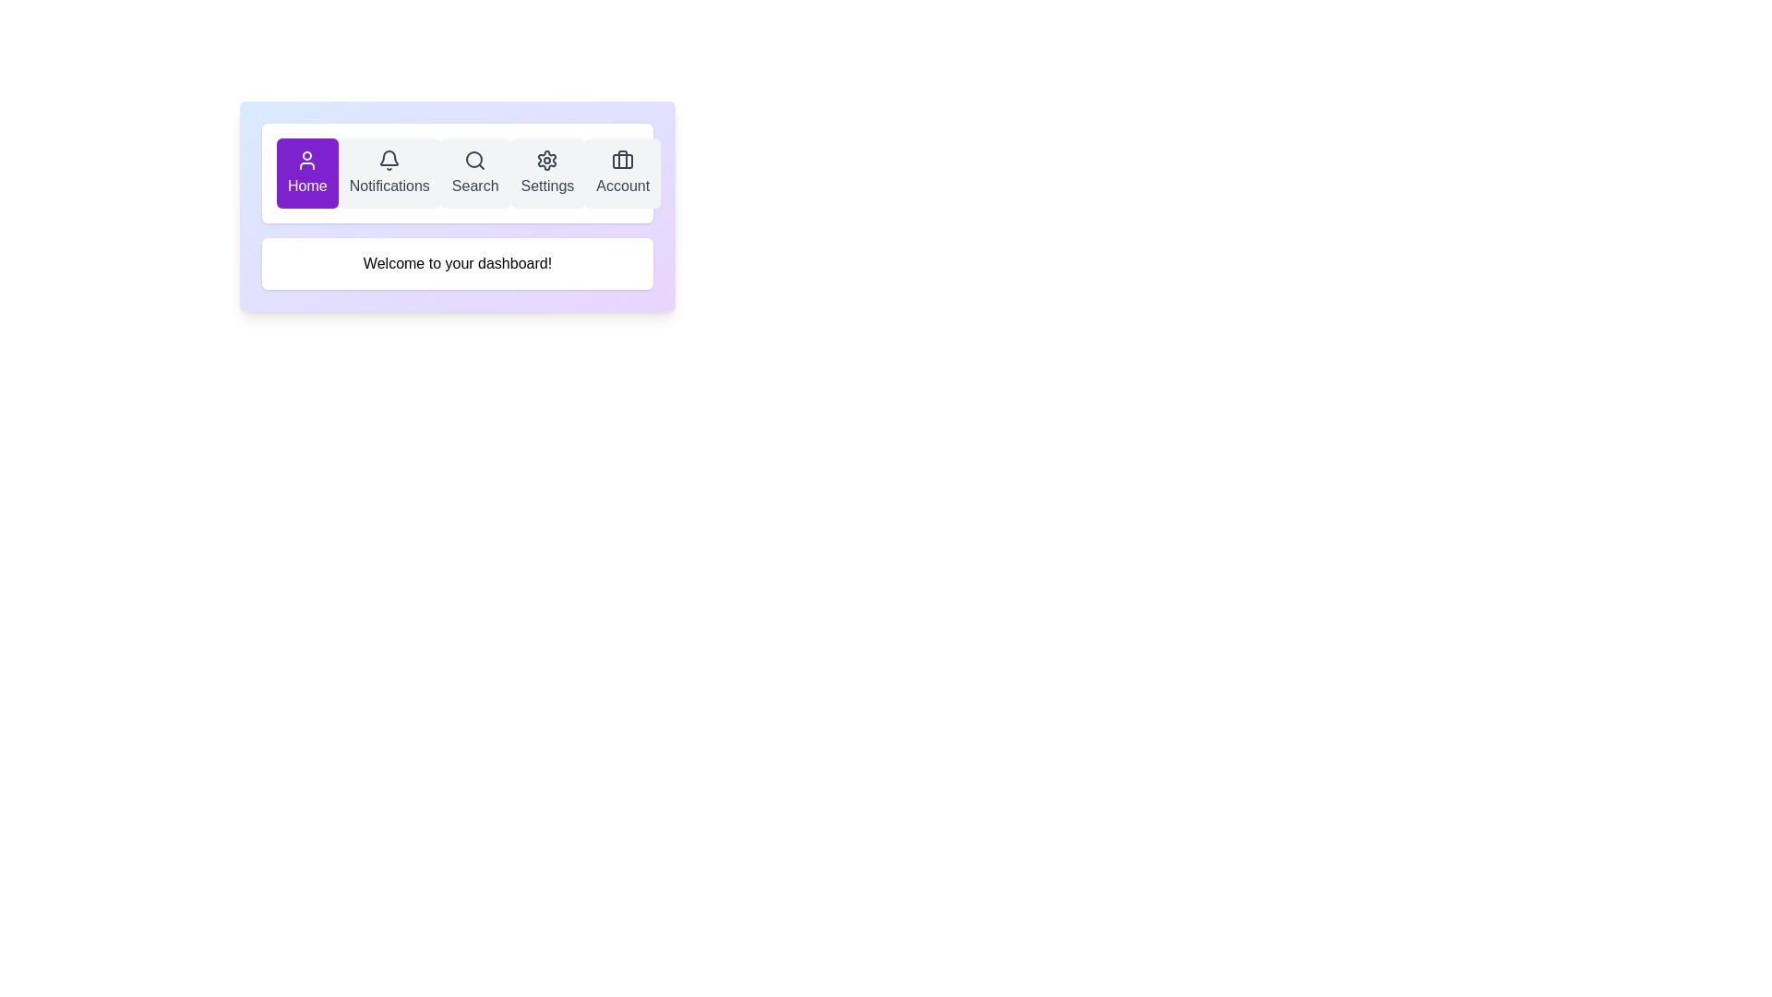  What do you see at coordinates (457, 174) in the screenshot?
I see `the 'Search' button in the navigation bar` at bounding box center [457, 174].